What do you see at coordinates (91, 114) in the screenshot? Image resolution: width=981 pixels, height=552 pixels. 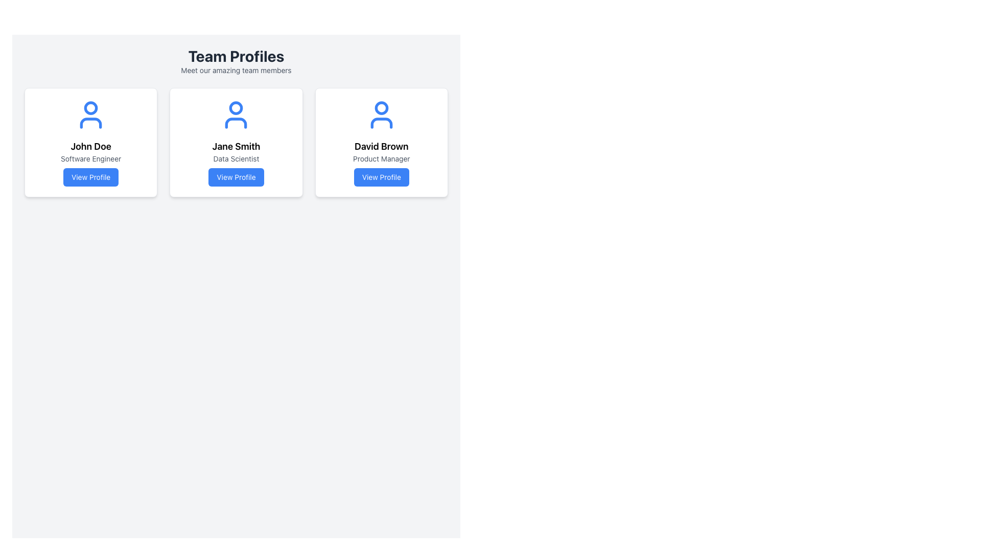 I see `the icon representing the user 'John Doe', which is centrally positioned at the top of the card above the text 'Software Engineer' and the button labeled 'View Profile'` at bounding box center [91, 114].